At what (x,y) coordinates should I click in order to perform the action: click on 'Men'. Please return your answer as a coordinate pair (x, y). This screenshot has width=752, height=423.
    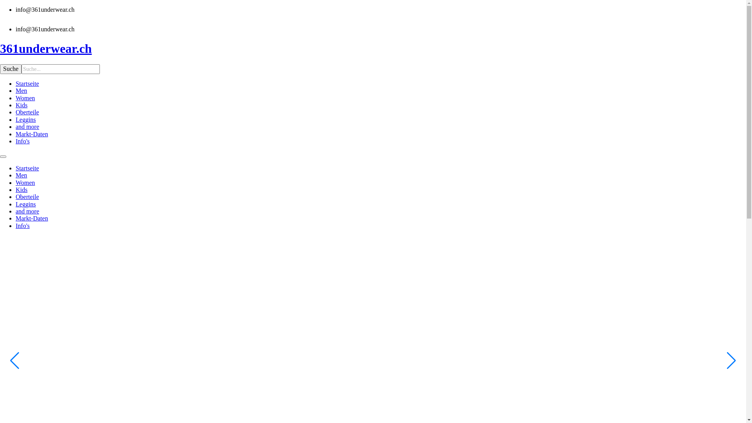
    Looking at the image, I should click on (21, 90).